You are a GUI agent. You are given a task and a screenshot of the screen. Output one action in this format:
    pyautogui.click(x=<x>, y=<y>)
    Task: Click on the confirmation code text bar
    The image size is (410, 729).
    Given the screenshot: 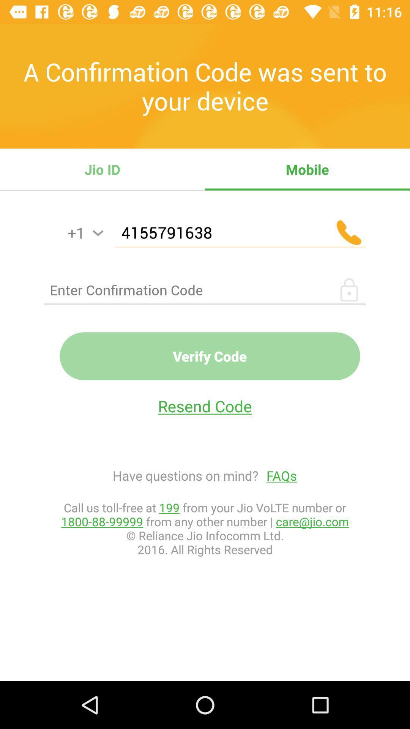 What is the action you would take?
    pyautogui.click(x=205, y=289)
    